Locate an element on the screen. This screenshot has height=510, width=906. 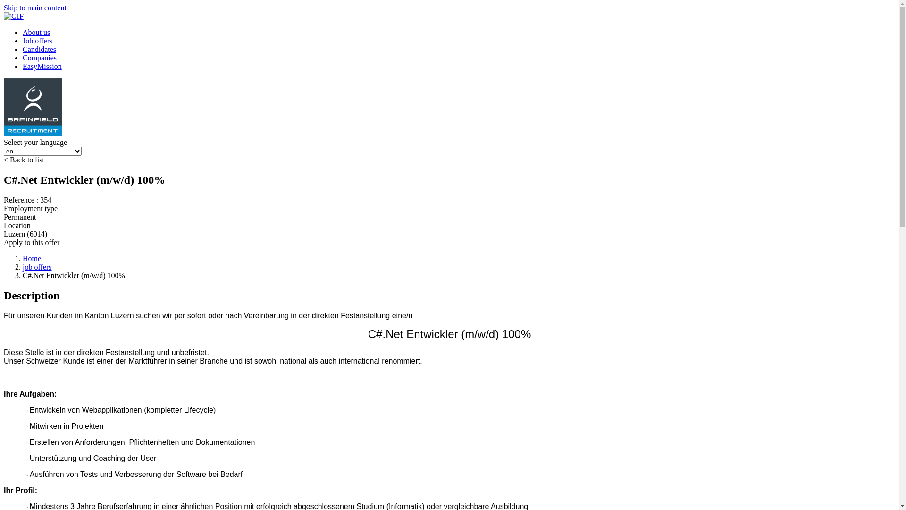
'Home' is located at coordinates (32, 258).